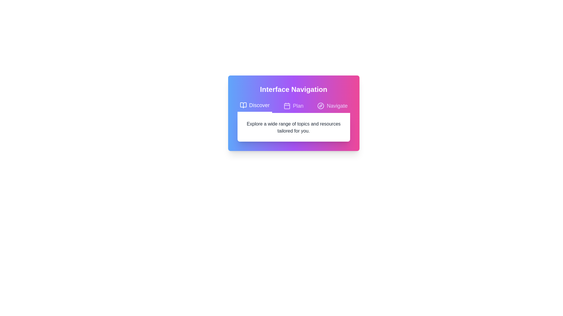  Describe the element at coordinates (243, 105) in the screenshot. I see `the 'Discover' tab icon, which is positioned to the left of the 'Discover' text in the tabbed navigation interface` at that location.